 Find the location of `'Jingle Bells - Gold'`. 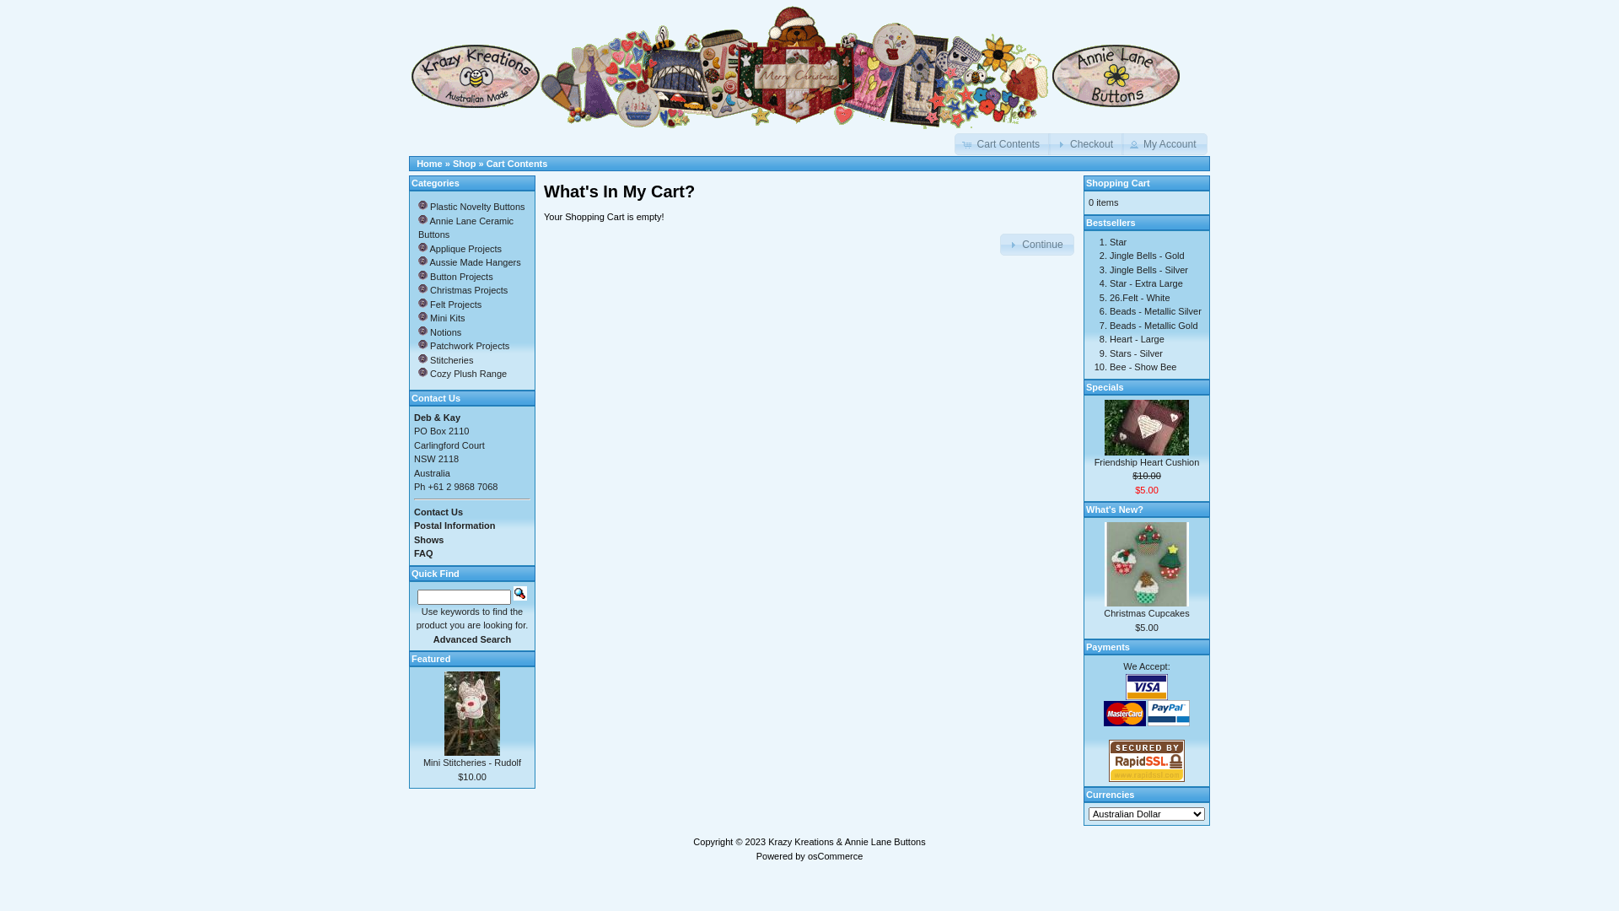

'Jingle Bells - Gold' is located at coordinates (1147, 256).